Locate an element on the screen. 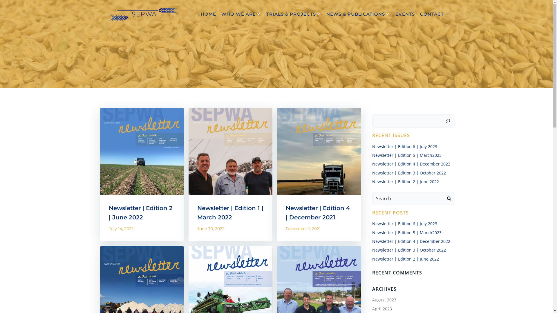 This screenshot has height=313, width=557. 'April 2023' is located at coordinates (382, 308).